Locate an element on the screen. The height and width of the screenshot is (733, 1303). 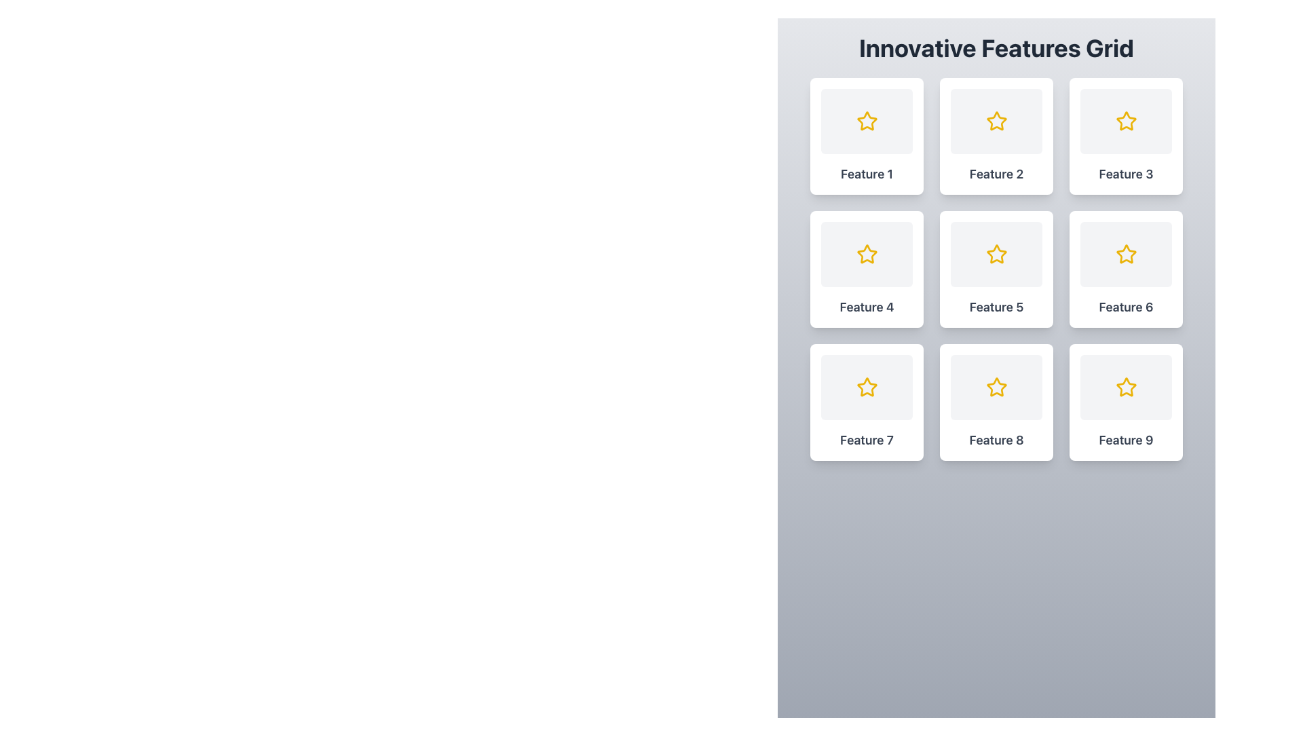
the text label displaying 'Feature 4', which is styled in gray-700 and part of the card in the second row and first column of a 3x3 grid layout is located at coordinates (866, 307).